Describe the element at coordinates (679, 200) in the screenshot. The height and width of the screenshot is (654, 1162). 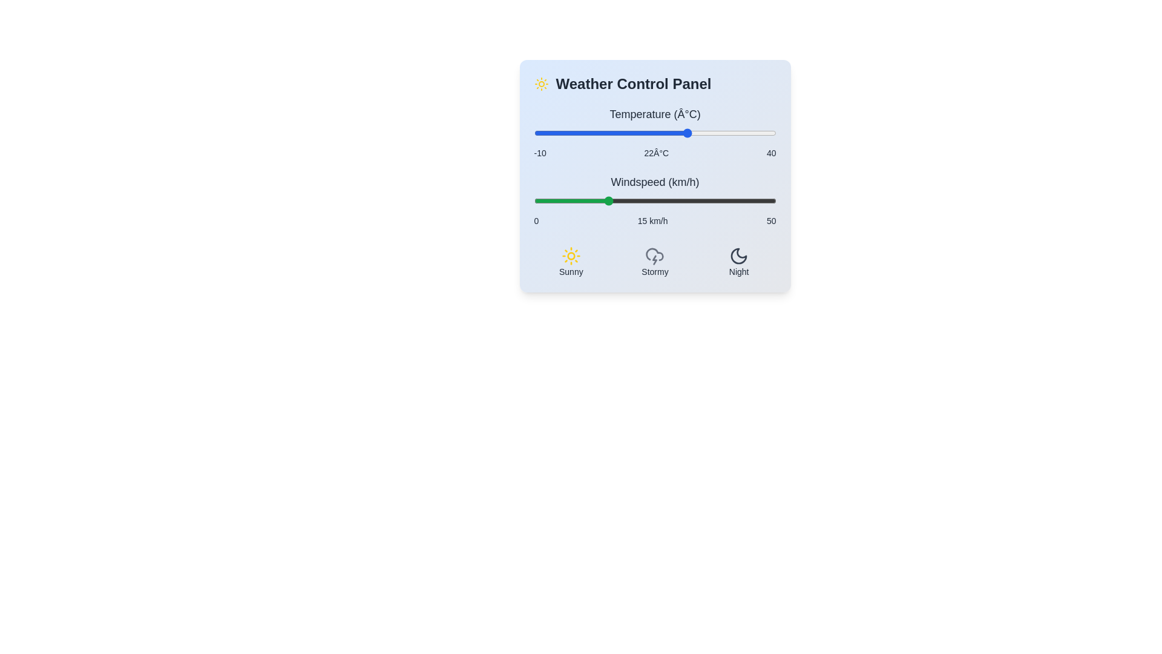
I see `the wind speed` at that location.